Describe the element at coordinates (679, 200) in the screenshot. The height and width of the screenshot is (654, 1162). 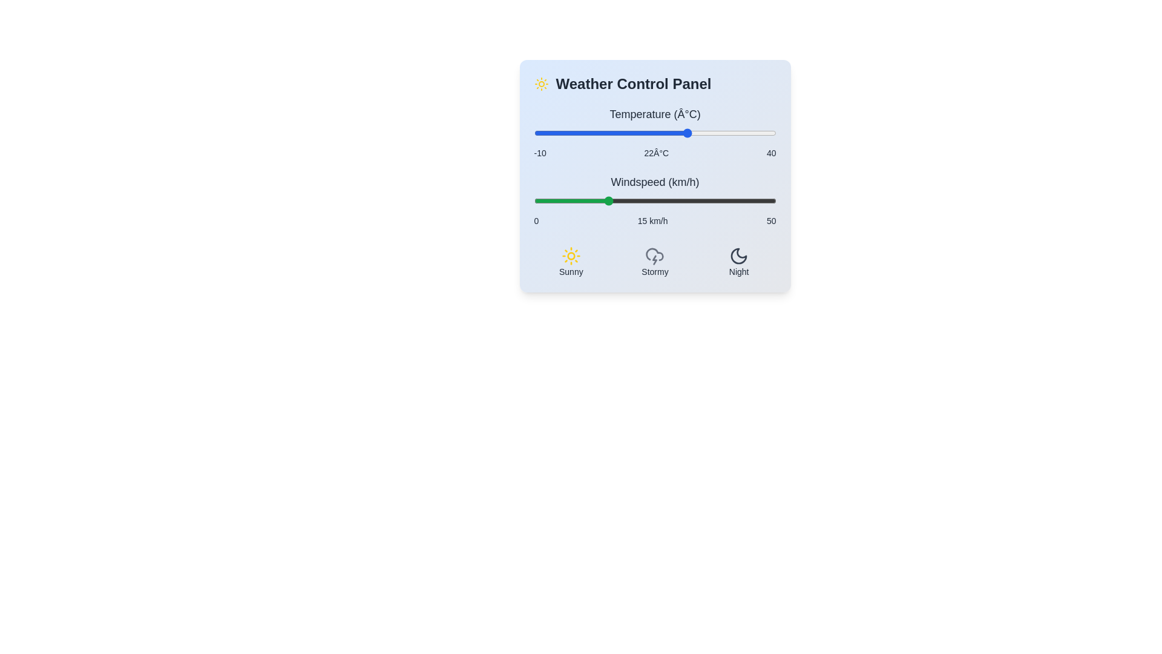
I see `the wind speed` at that location.